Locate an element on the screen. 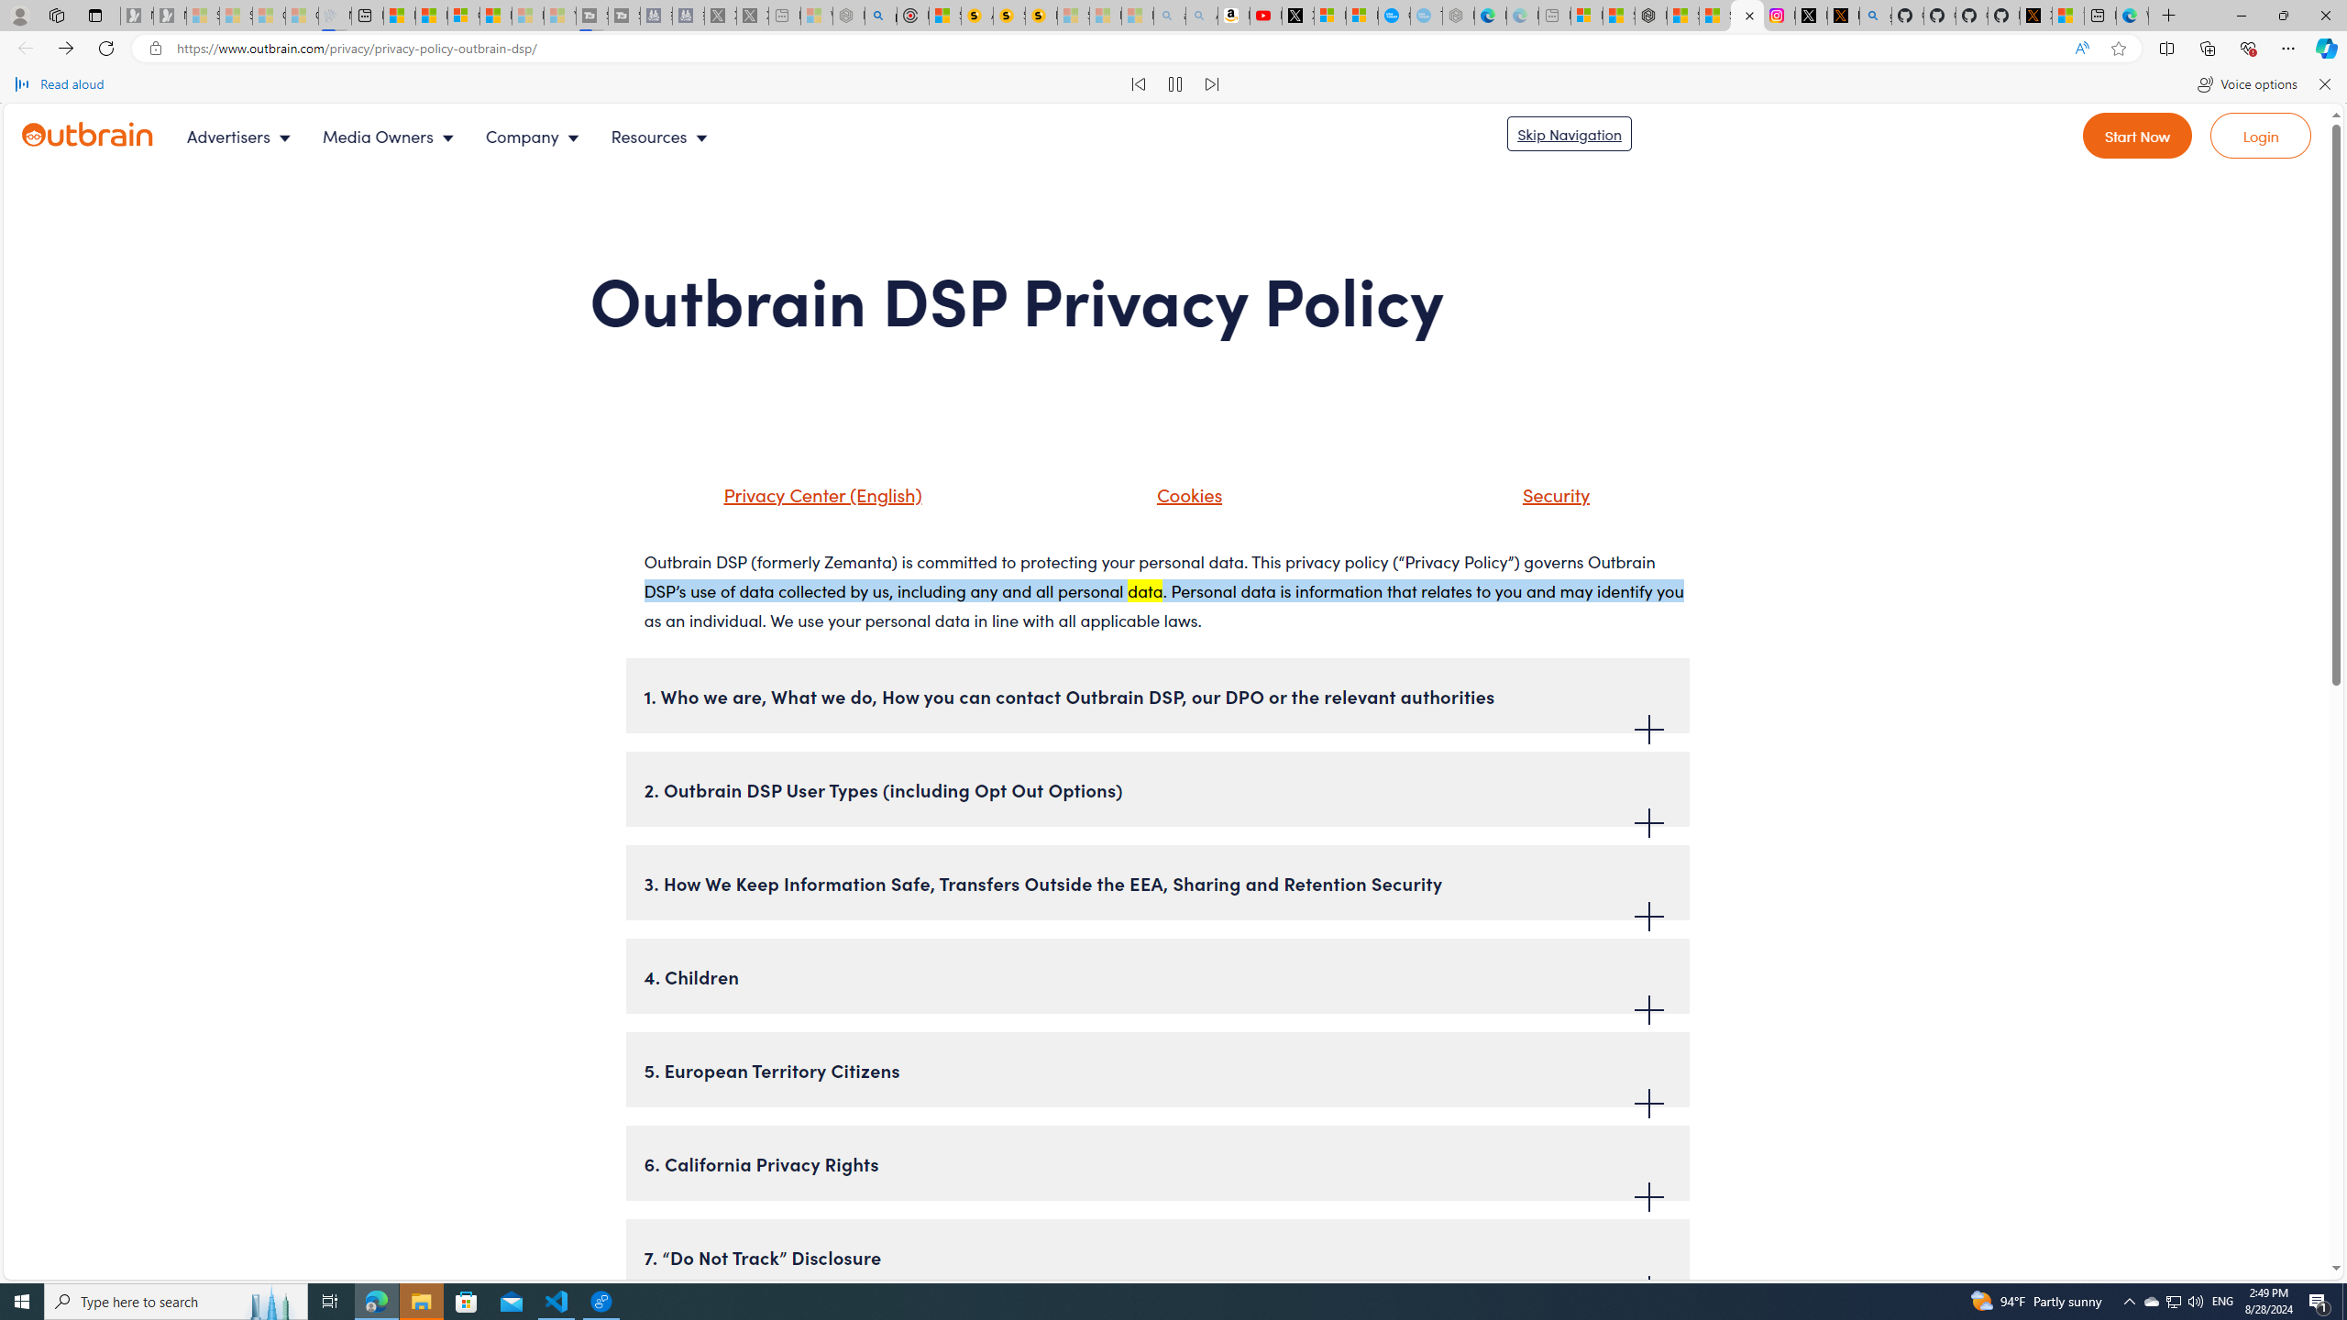 The width and height of the screenshot is (2347, 1320). 'Amazon Echo Dot PNG - Search Images - Sleeping' is located at coordinates (1200, 15).